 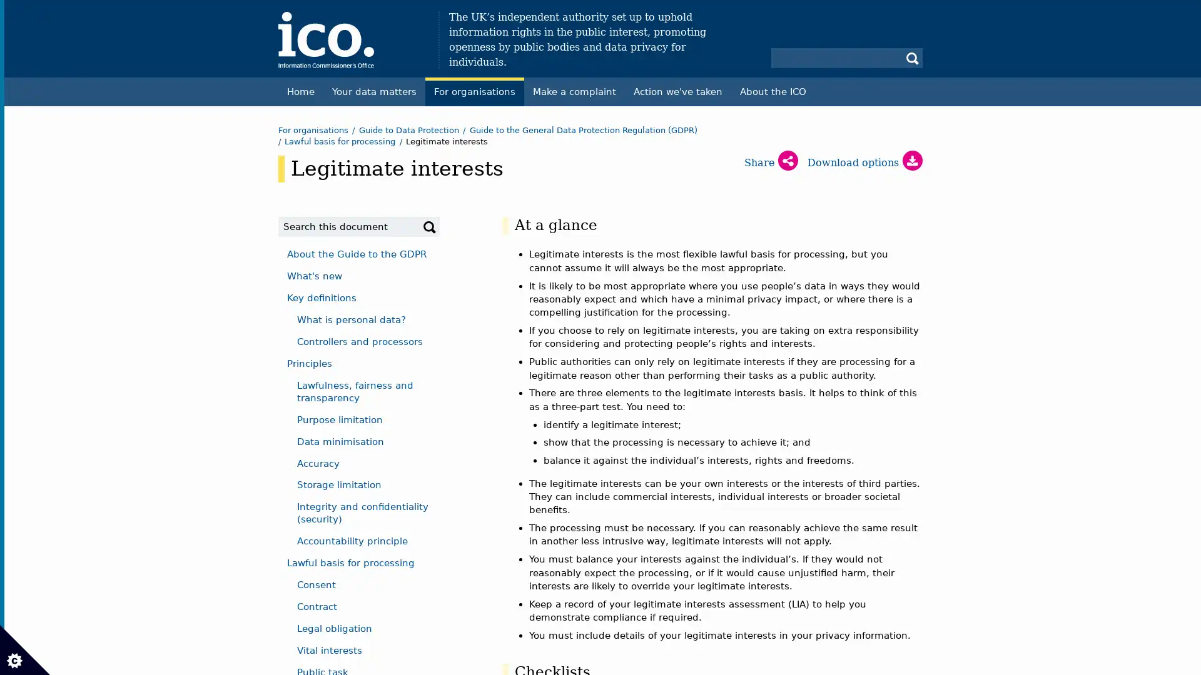 I want to click on Reject all cookies, so click(x=223, y=162).